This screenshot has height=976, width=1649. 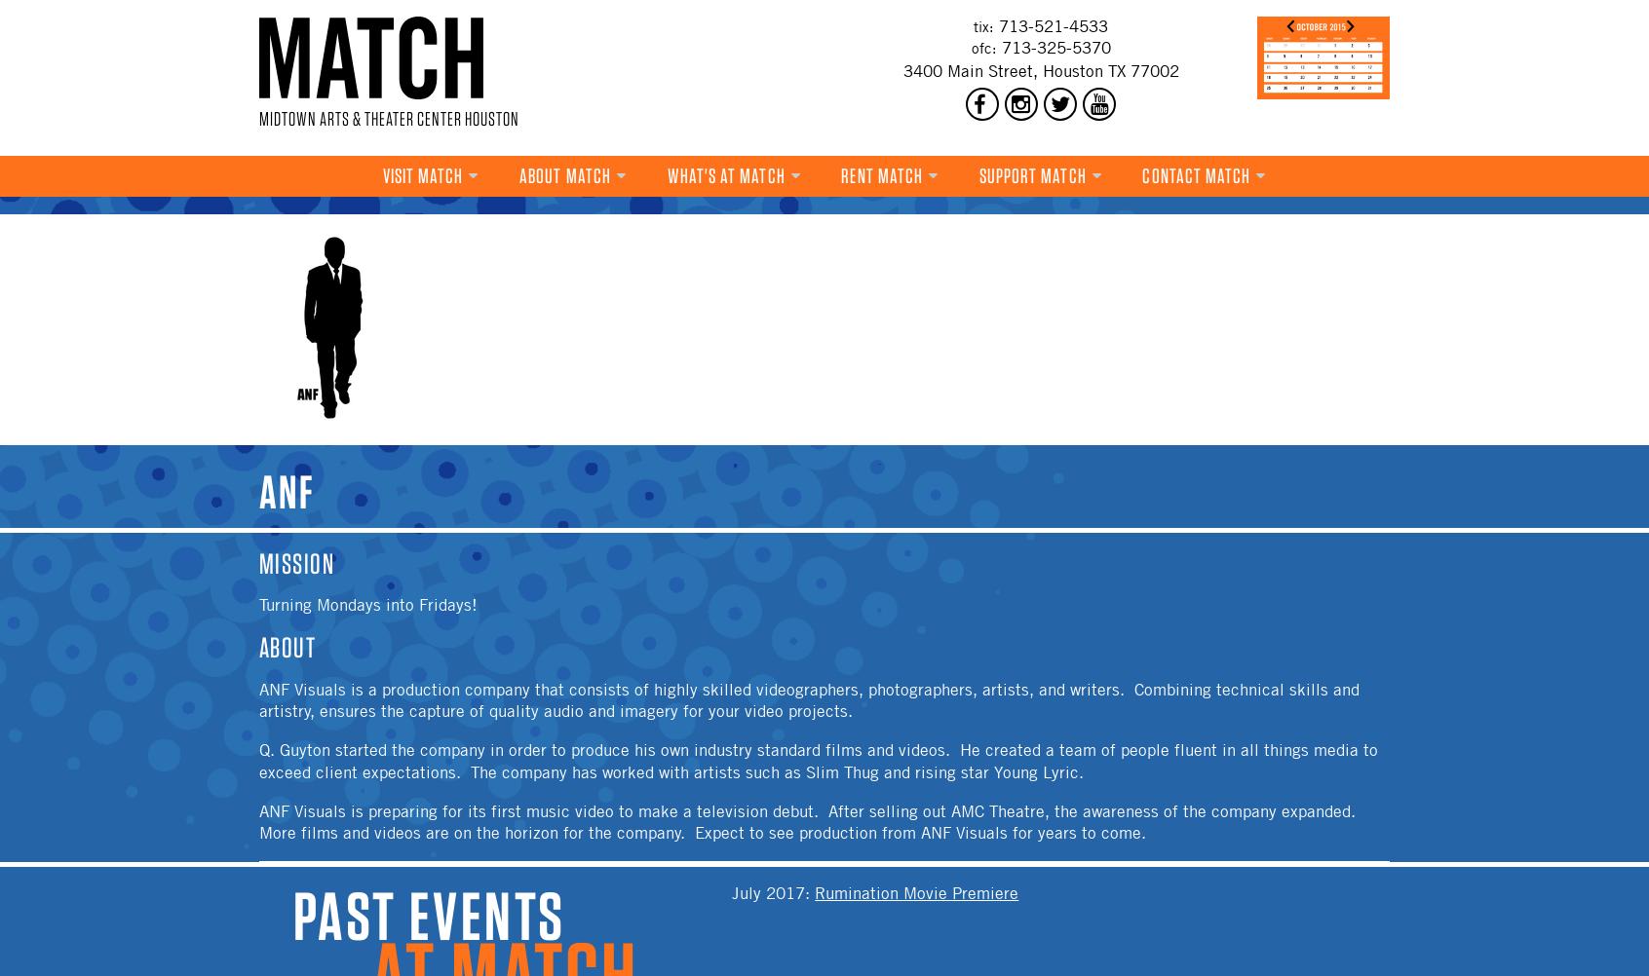 What do you see at coordinates (286, 646) in the screenshot?
I see `'About'` at bounding box center [286, 646].